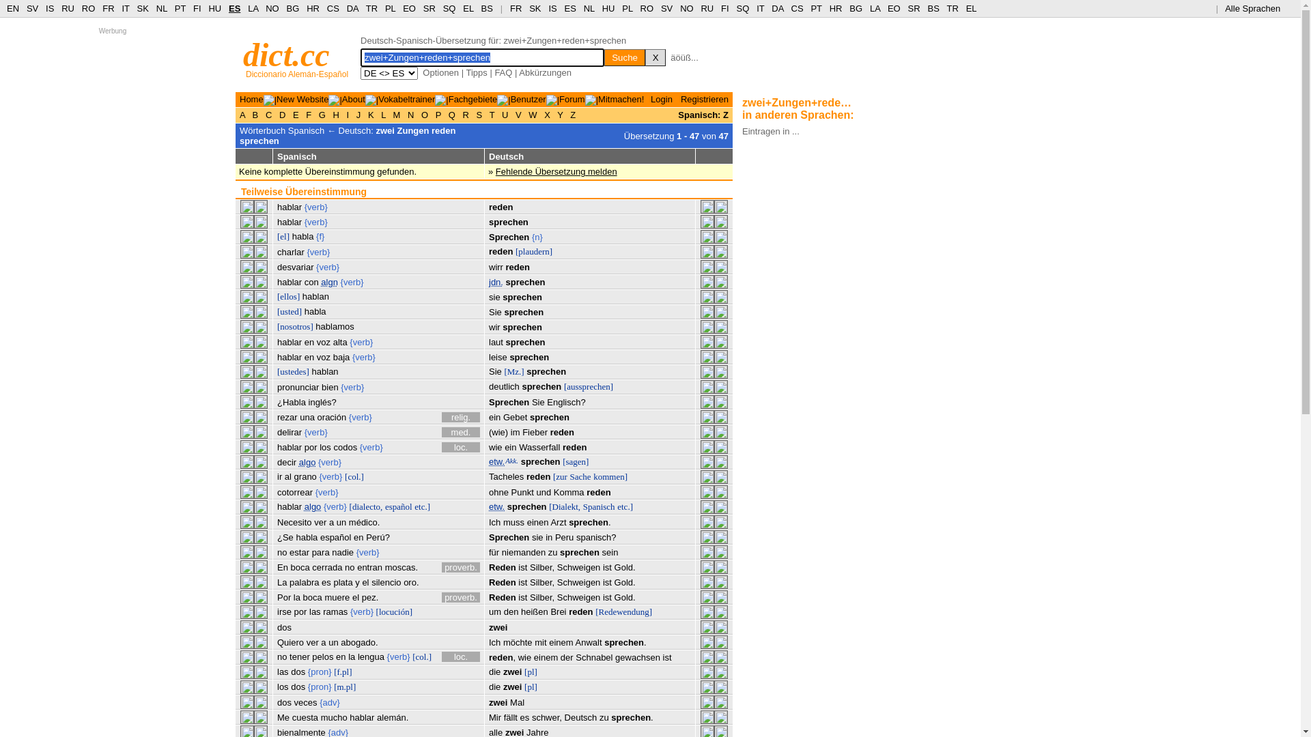 Image resolution: width=1311 pixels, height=737 pixels. Describe the element at coordinates (495, 281) in the screenshot. I see `'jdn.'` at that location.